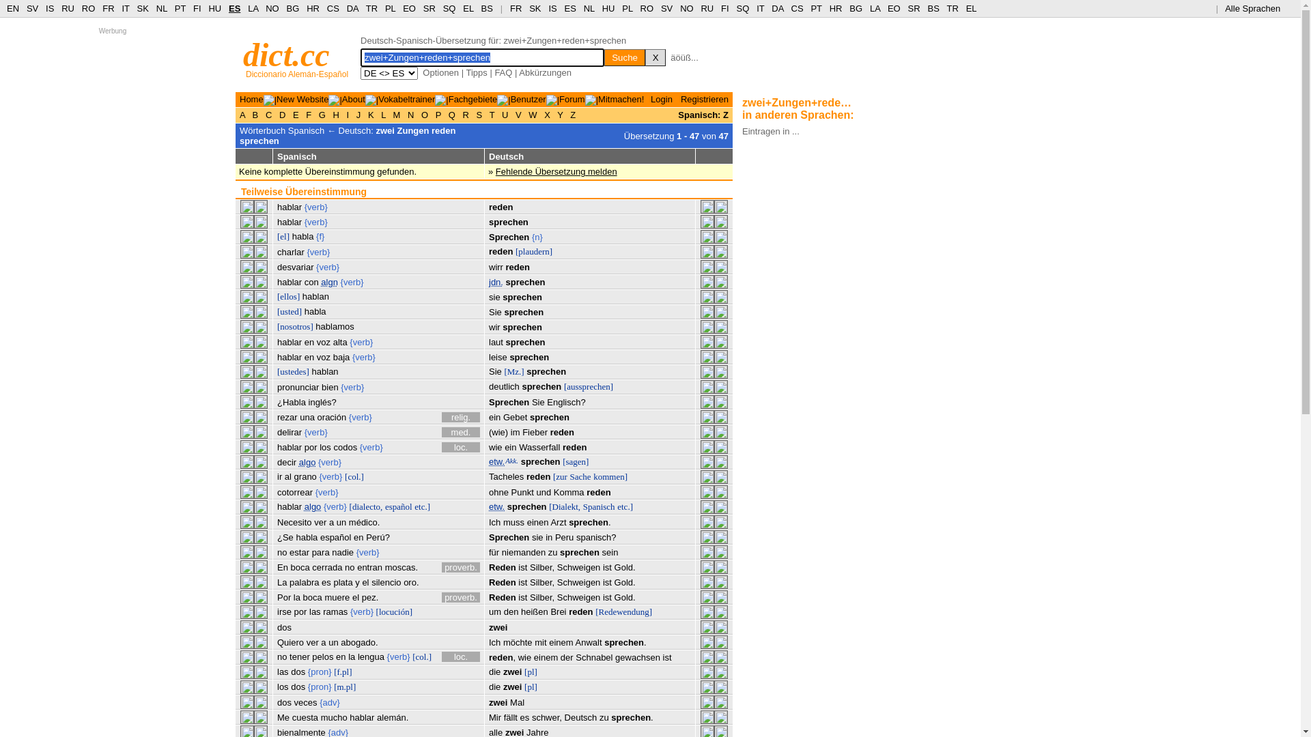 Image resolution: width=1311 pixels, height=737 pixels. Describe the element at coordinates (495, 281) in the screenshot. I see `'jdn.'` at that location.